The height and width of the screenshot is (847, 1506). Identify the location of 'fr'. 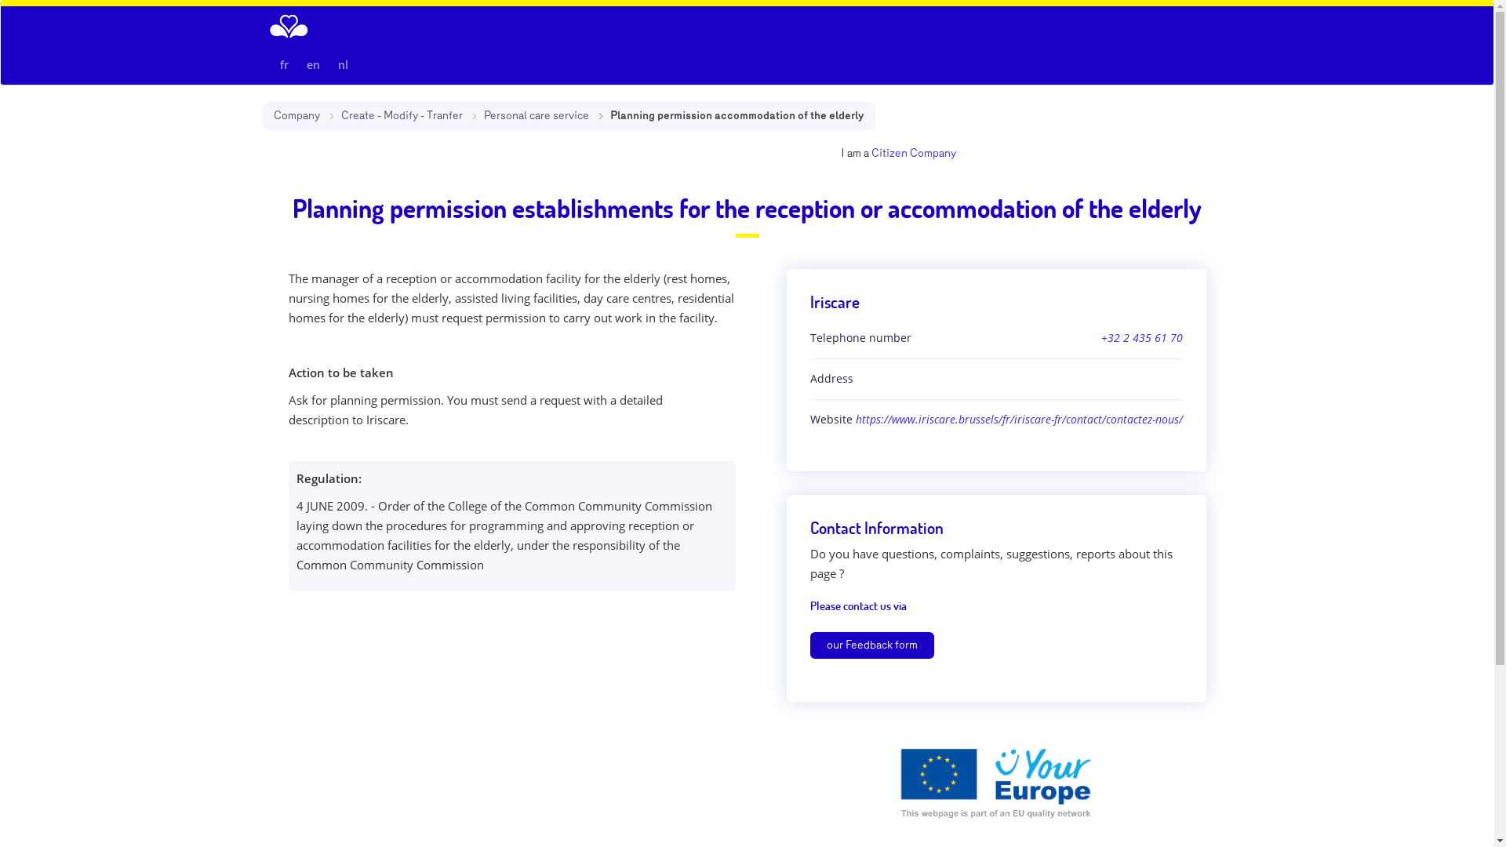
(271, 64).